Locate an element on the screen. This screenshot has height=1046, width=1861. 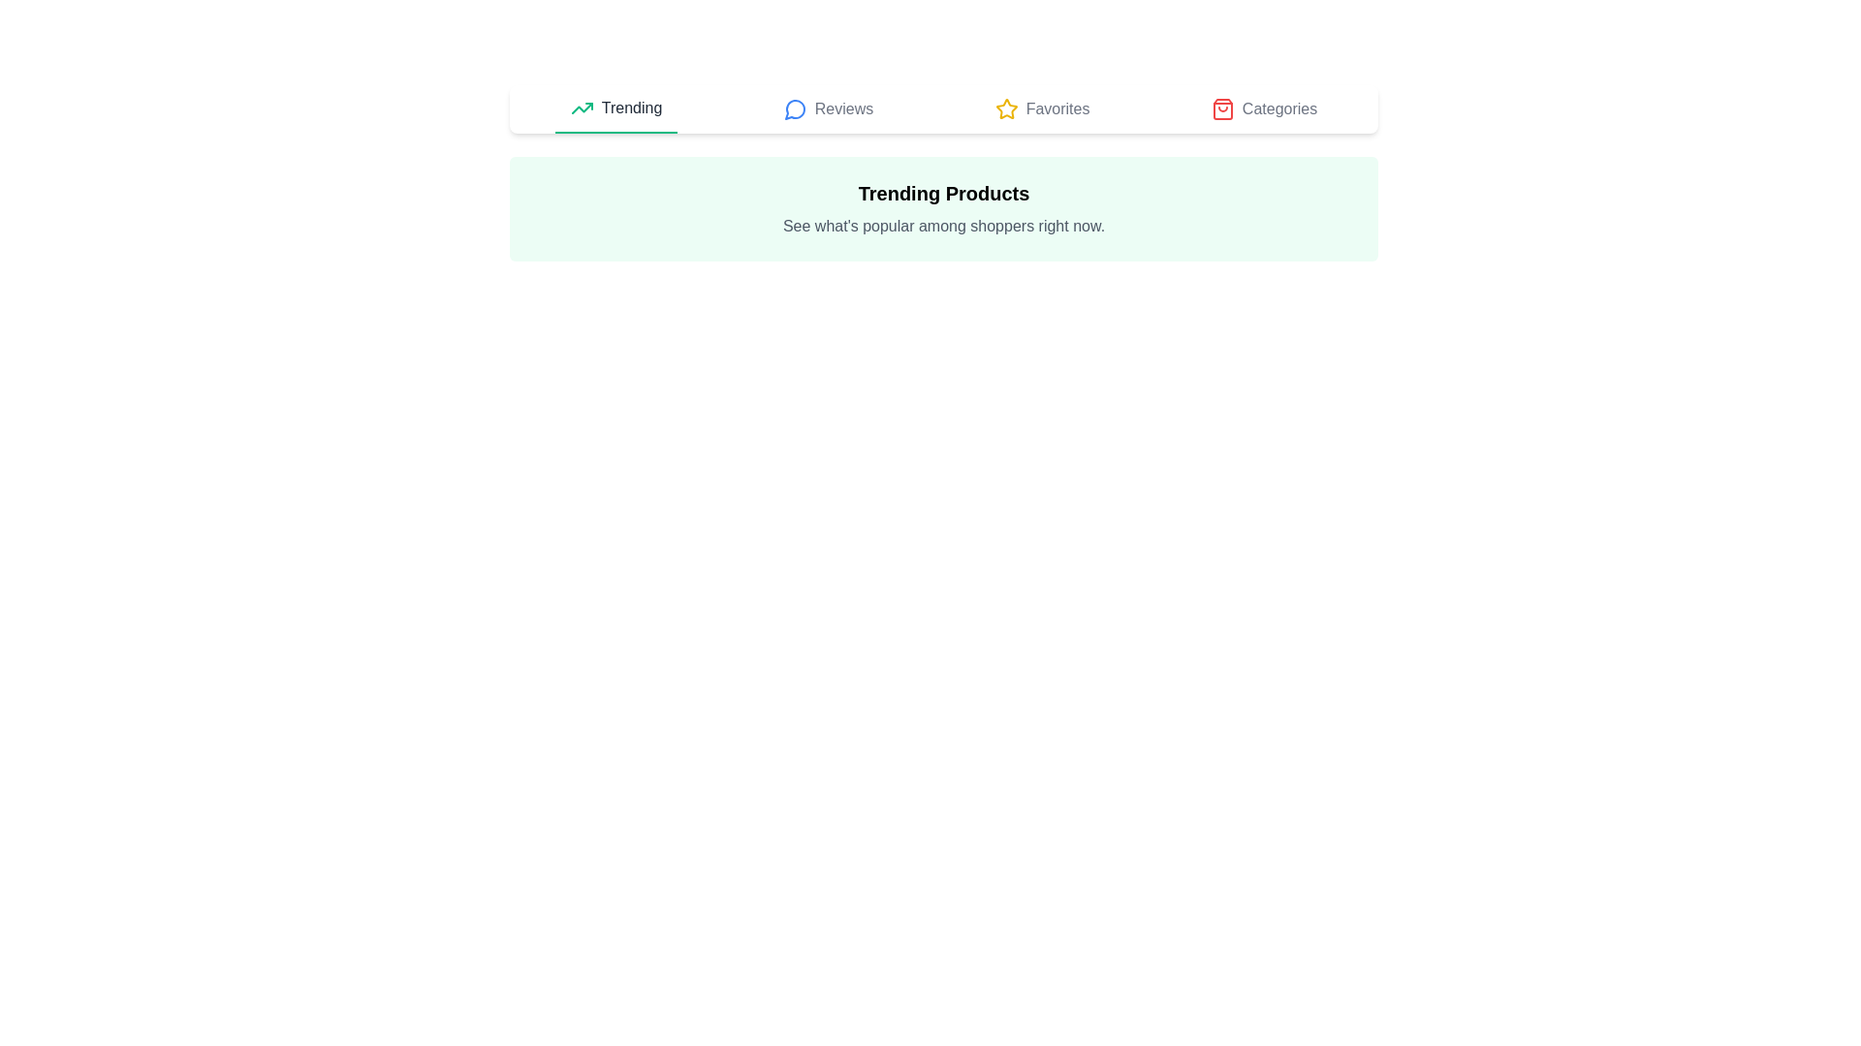
the star-shaped graphical icon with a yellow outline located in the favorites tab to associate it with the Favorites tab for contextual actions is located at coordinates (1005, 108).